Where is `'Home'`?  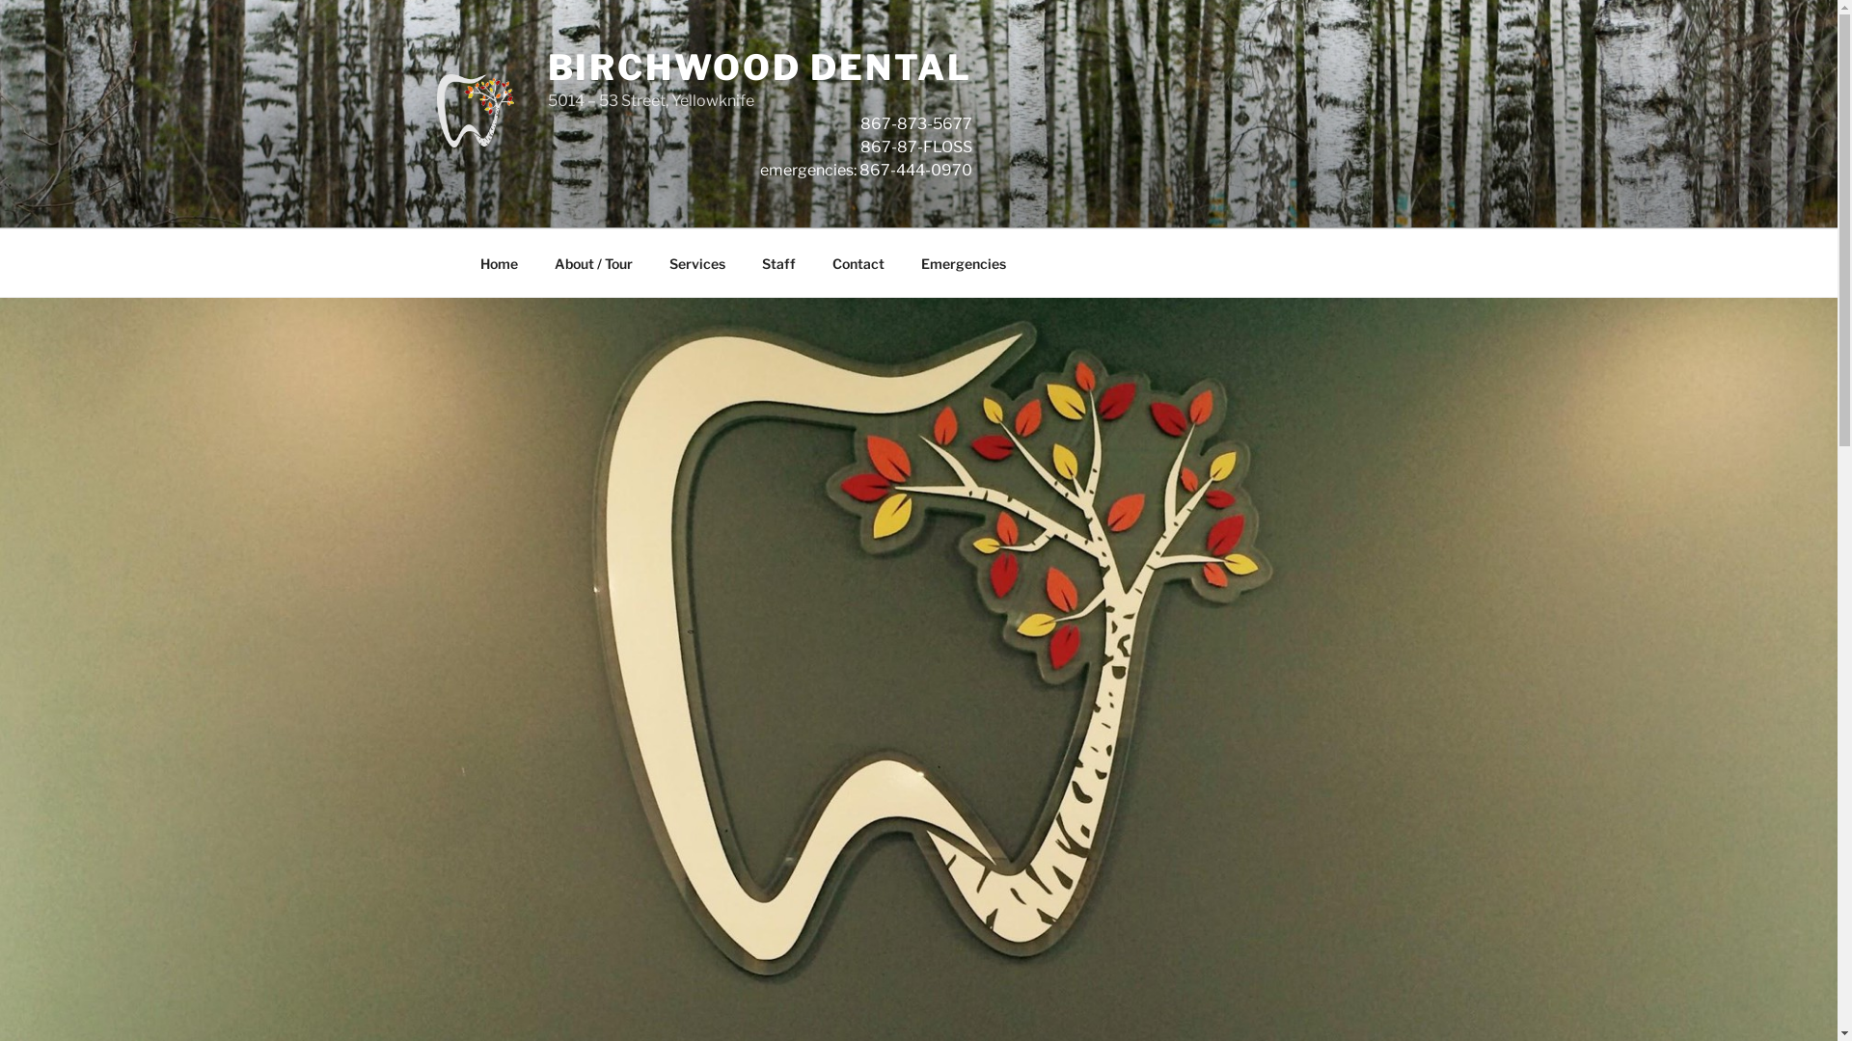 'Home' is located at coordinates (499, 262).